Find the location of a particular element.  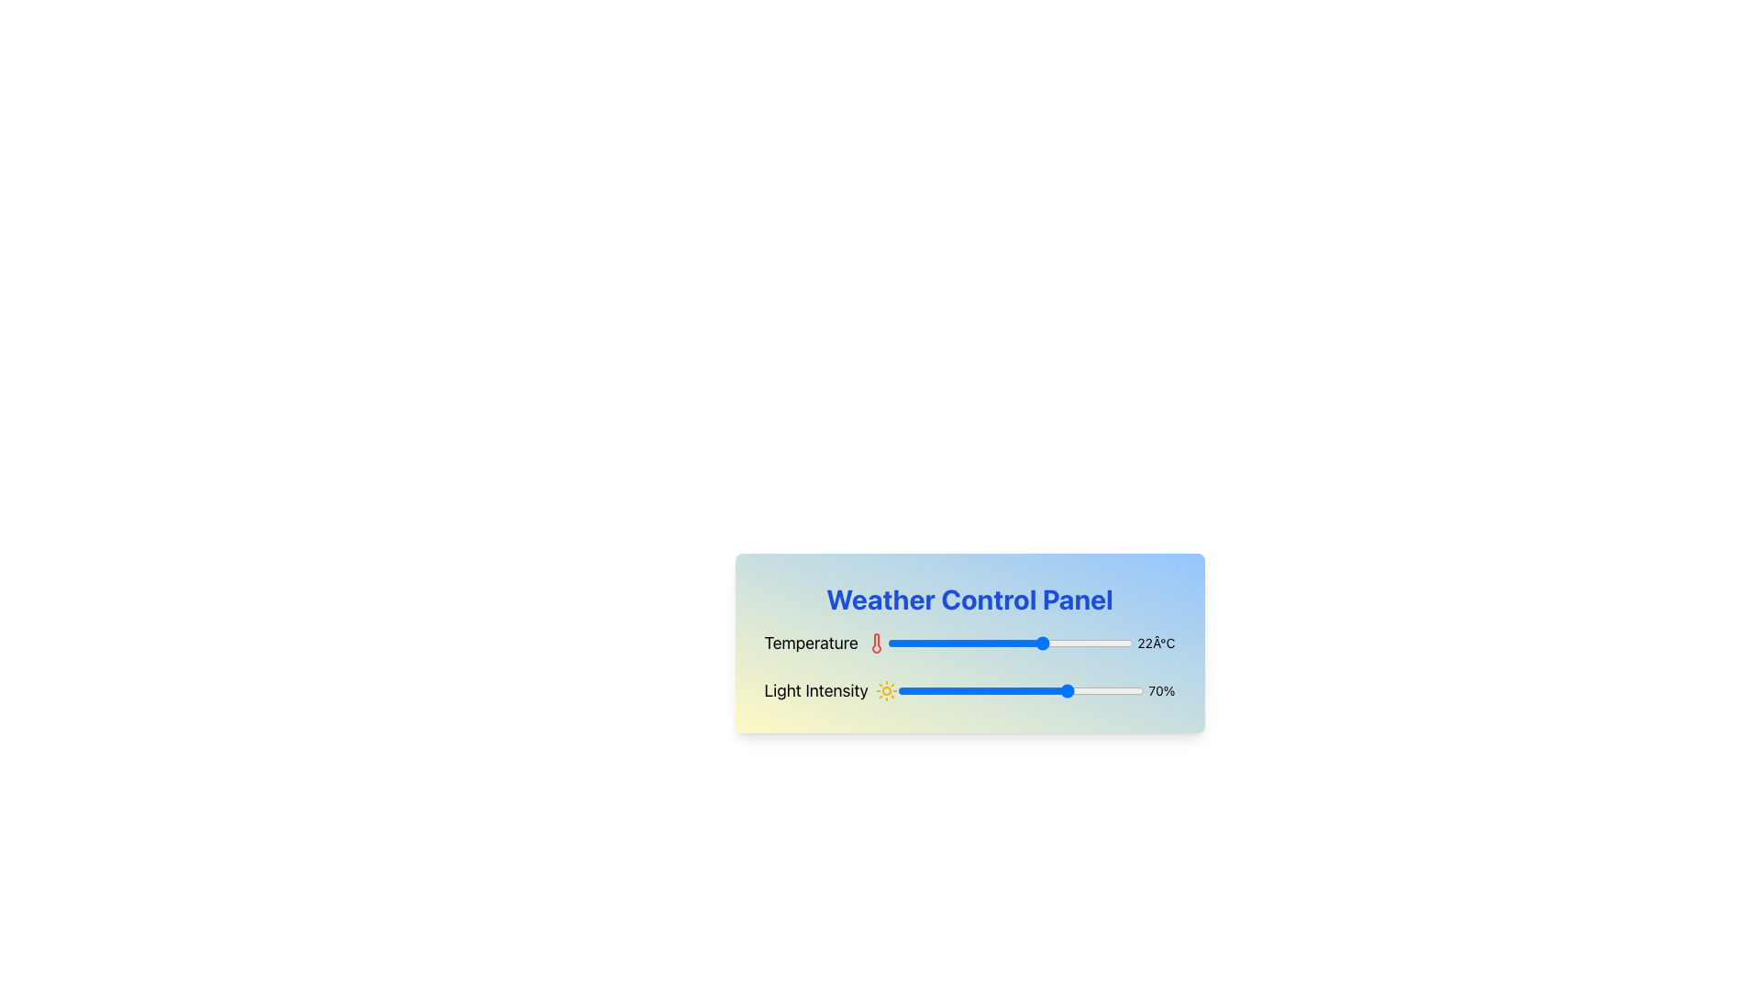

the temperature slider is located at coordinates (1074, 643).